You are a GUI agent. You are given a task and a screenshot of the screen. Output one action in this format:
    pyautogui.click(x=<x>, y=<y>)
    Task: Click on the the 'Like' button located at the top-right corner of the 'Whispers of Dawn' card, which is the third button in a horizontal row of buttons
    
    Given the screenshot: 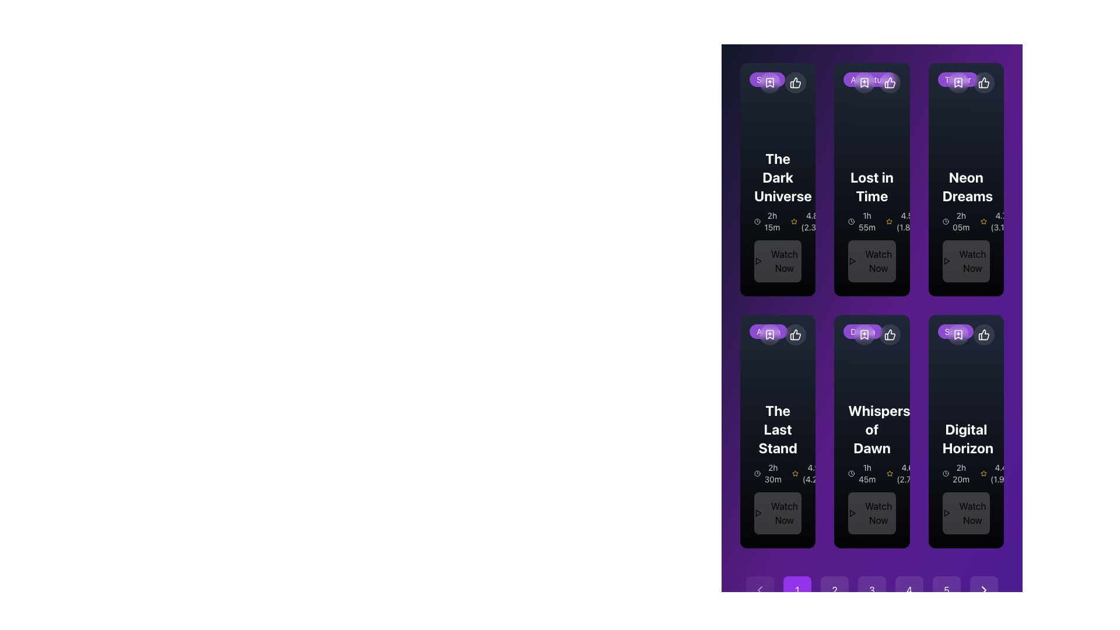 What is the action you would take?
    pyautogui.click(x=889, y=335)
    